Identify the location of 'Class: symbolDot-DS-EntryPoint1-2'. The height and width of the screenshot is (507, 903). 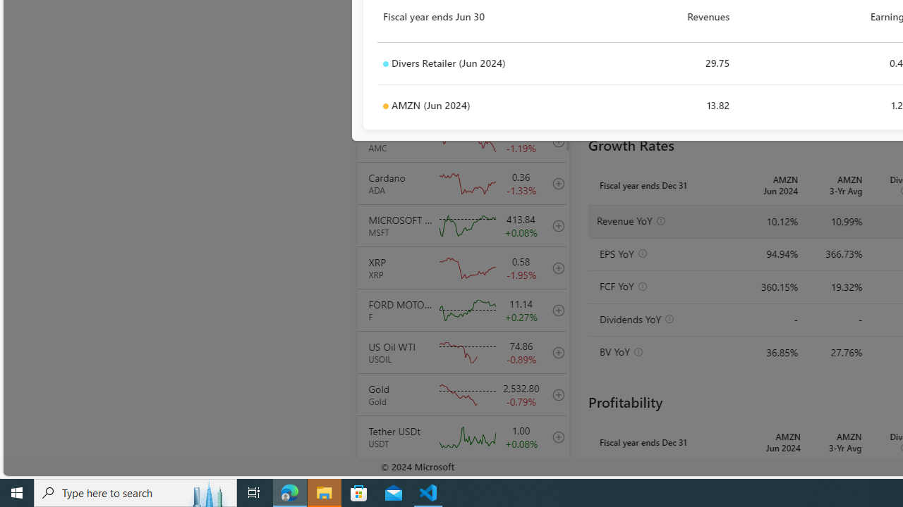
(385, 106).